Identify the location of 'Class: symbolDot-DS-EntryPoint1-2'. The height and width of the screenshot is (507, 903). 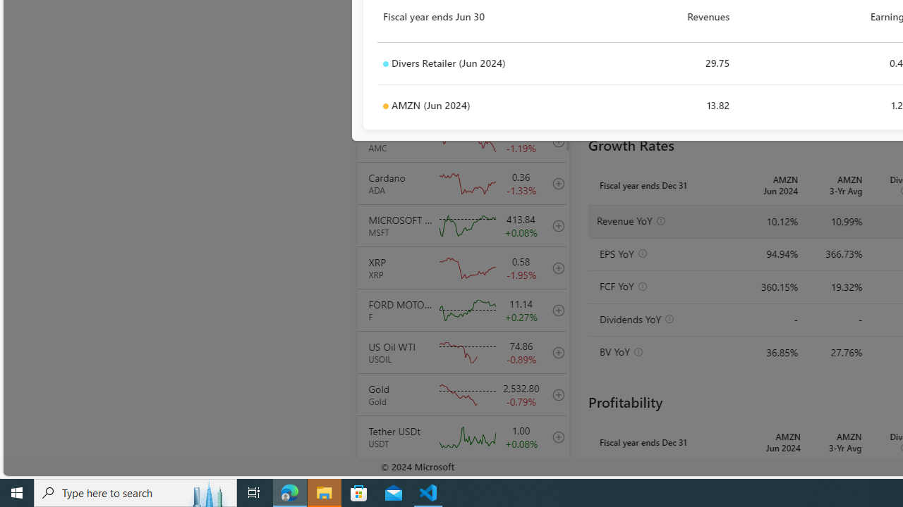
(385, 106).